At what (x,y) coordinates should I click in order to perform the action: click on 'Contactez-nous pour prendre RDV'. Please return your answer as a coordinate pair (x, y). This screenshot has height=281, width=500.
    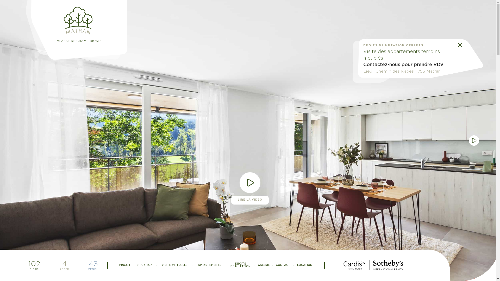
    Looking at the image, I should click on (403, 65).